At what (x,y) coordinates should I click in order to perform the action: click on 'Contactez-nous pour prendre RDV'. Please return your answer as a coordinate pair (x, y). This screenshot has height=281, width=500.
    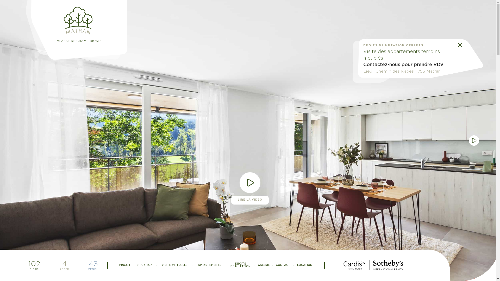
    Looking at the image, I should click on (403, 65).